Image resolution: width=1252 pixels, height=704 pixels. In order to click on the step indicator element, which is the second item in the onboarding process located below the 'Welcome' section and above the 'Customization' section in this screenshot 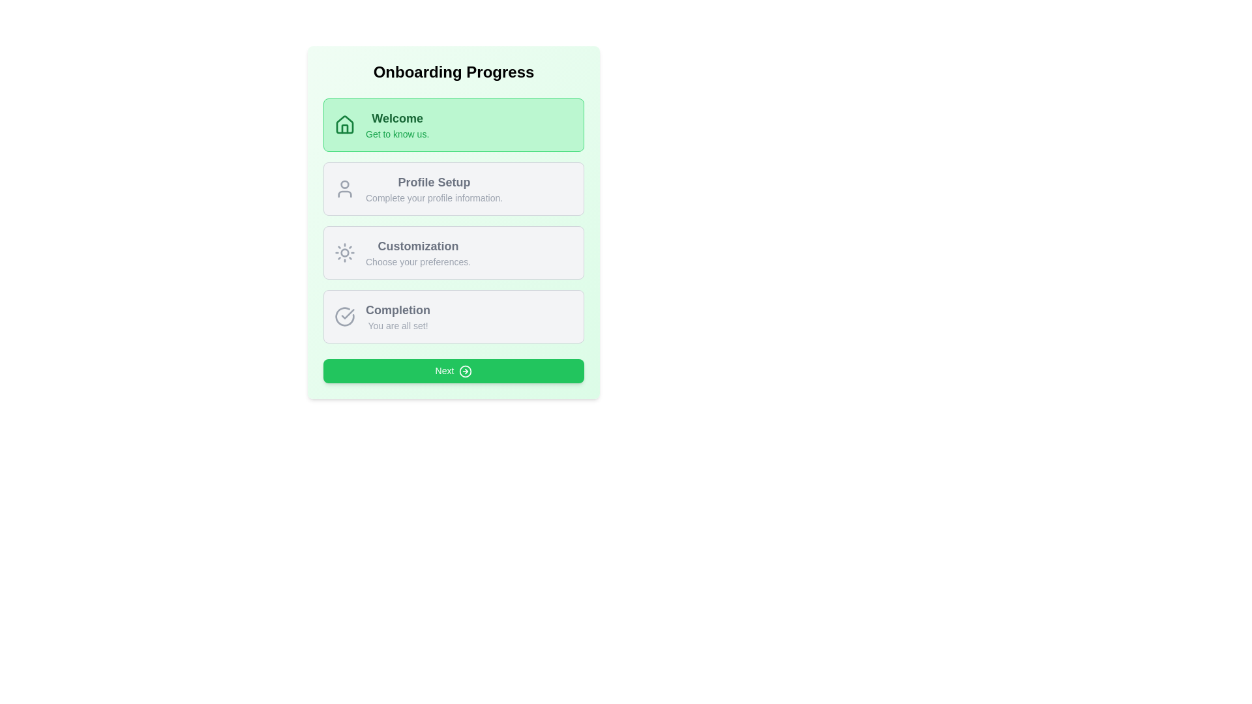, I will do `click(454, 188)`.